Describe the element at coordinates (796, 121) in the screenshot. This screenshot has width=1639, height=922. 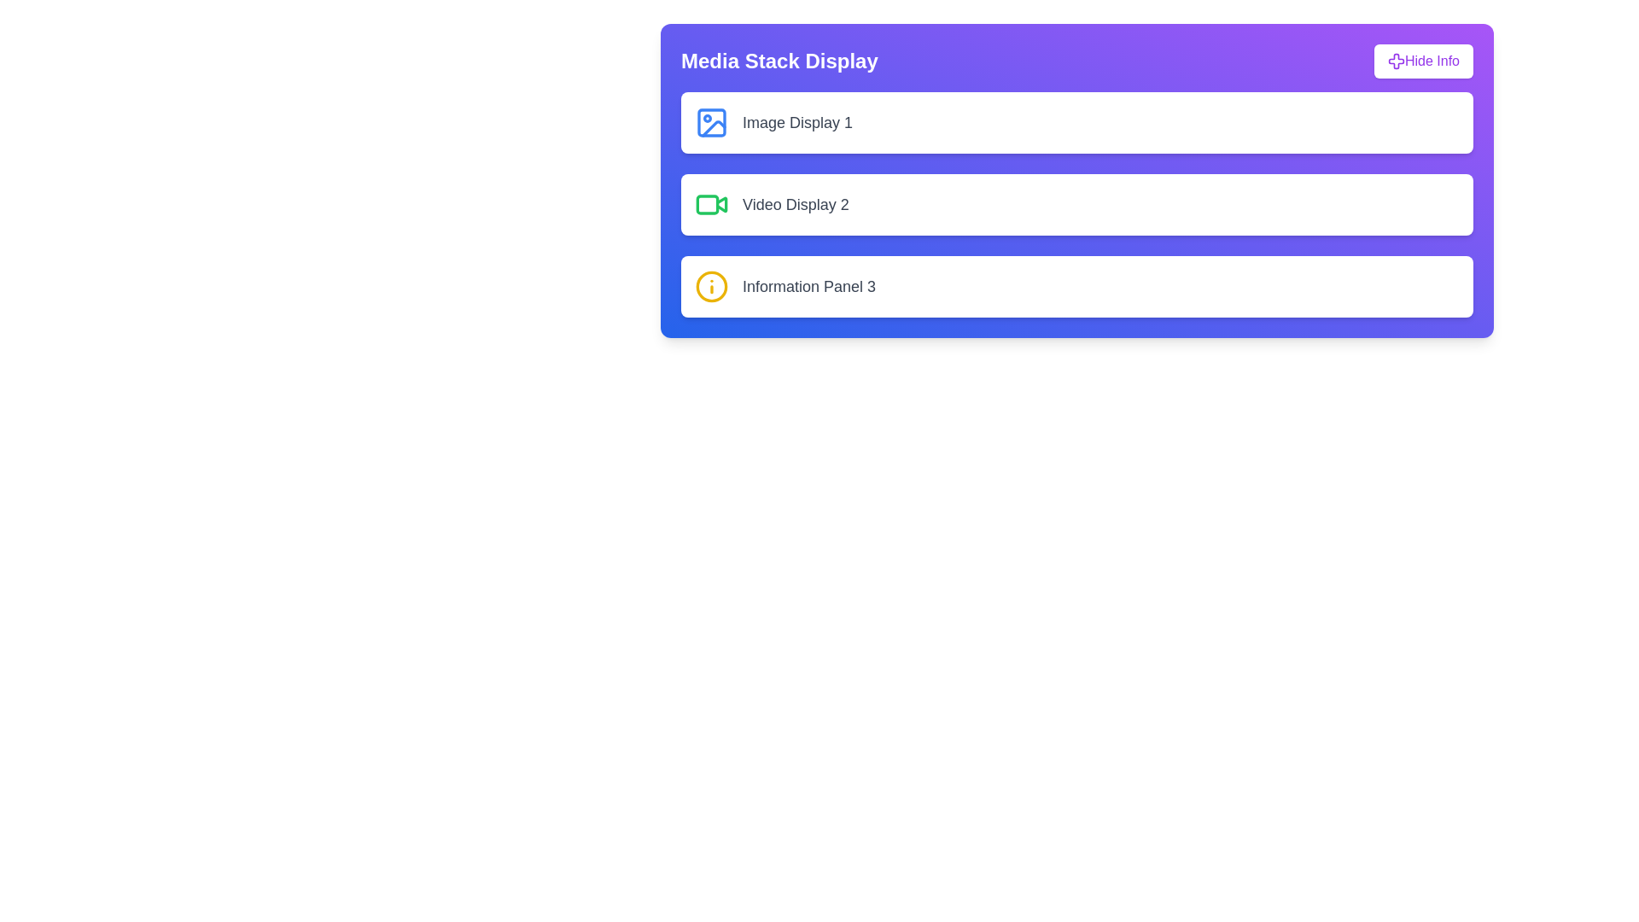
I see `the static text label located at the top-left corner of the first card in a vertically-stacked list, which serves as a title for the associated card content` at that location.